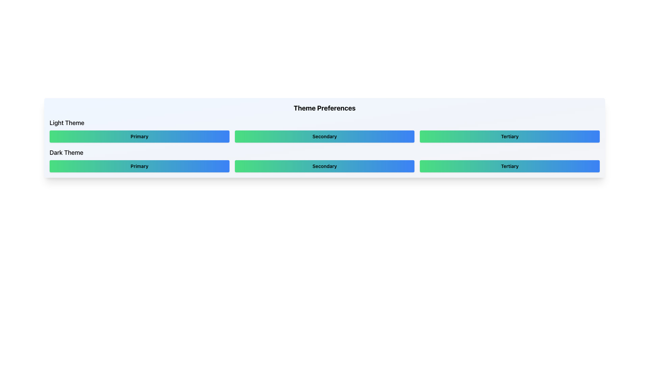 This screenshot has height=365, width=648. What do you see at coordinates (66, 152) in the screenshot?
I see `the non-interactive 'Dark Theme' text label located below the 'Light Theme' label and to the left of the theme preference buttons` at bounding box center [66, 152].